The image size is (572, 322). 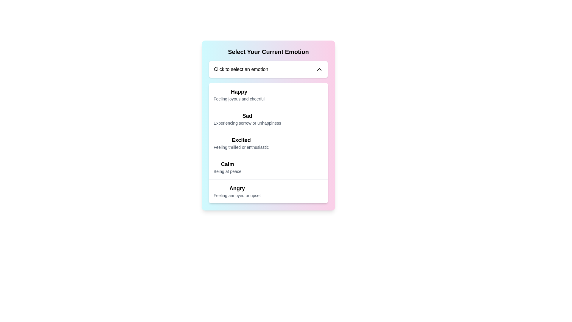 What do you see at coordinates (227, 171) in the screenshot?
I see `descriptive subtitle text for the 'Calm' emotion category, which is located beneath the title 'Calm' in the third item of a vertically arranged list of emotions` at bounding box center [227, 171].